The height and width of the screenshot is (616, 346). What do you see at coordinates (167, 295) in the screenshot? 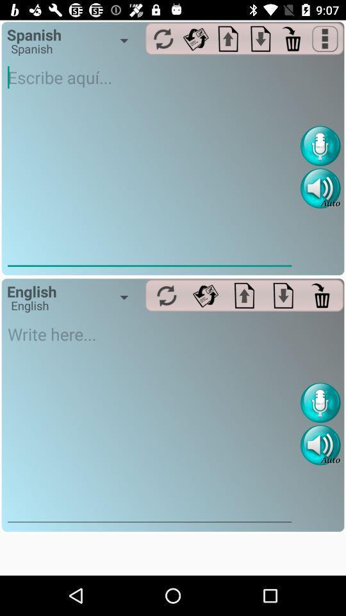
I see `all` at bounding box center [167, 295].